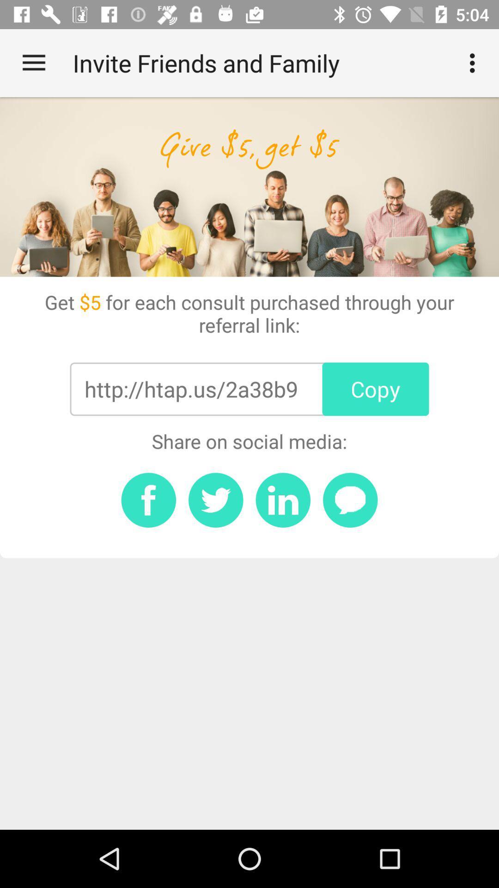 This screenshot has width=499, height=888. What do you see at coordinates (190, 389) in the screenshot?
I see `the item above share on social` at bounding box center [190, 389].